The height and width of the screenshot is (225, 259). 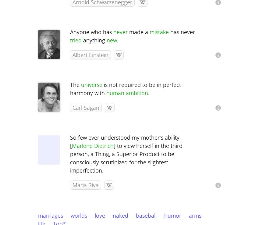 What do you see at coordinates (76, 85) in the screenshot?
I see `'The'` at bounding box center [76, 85].